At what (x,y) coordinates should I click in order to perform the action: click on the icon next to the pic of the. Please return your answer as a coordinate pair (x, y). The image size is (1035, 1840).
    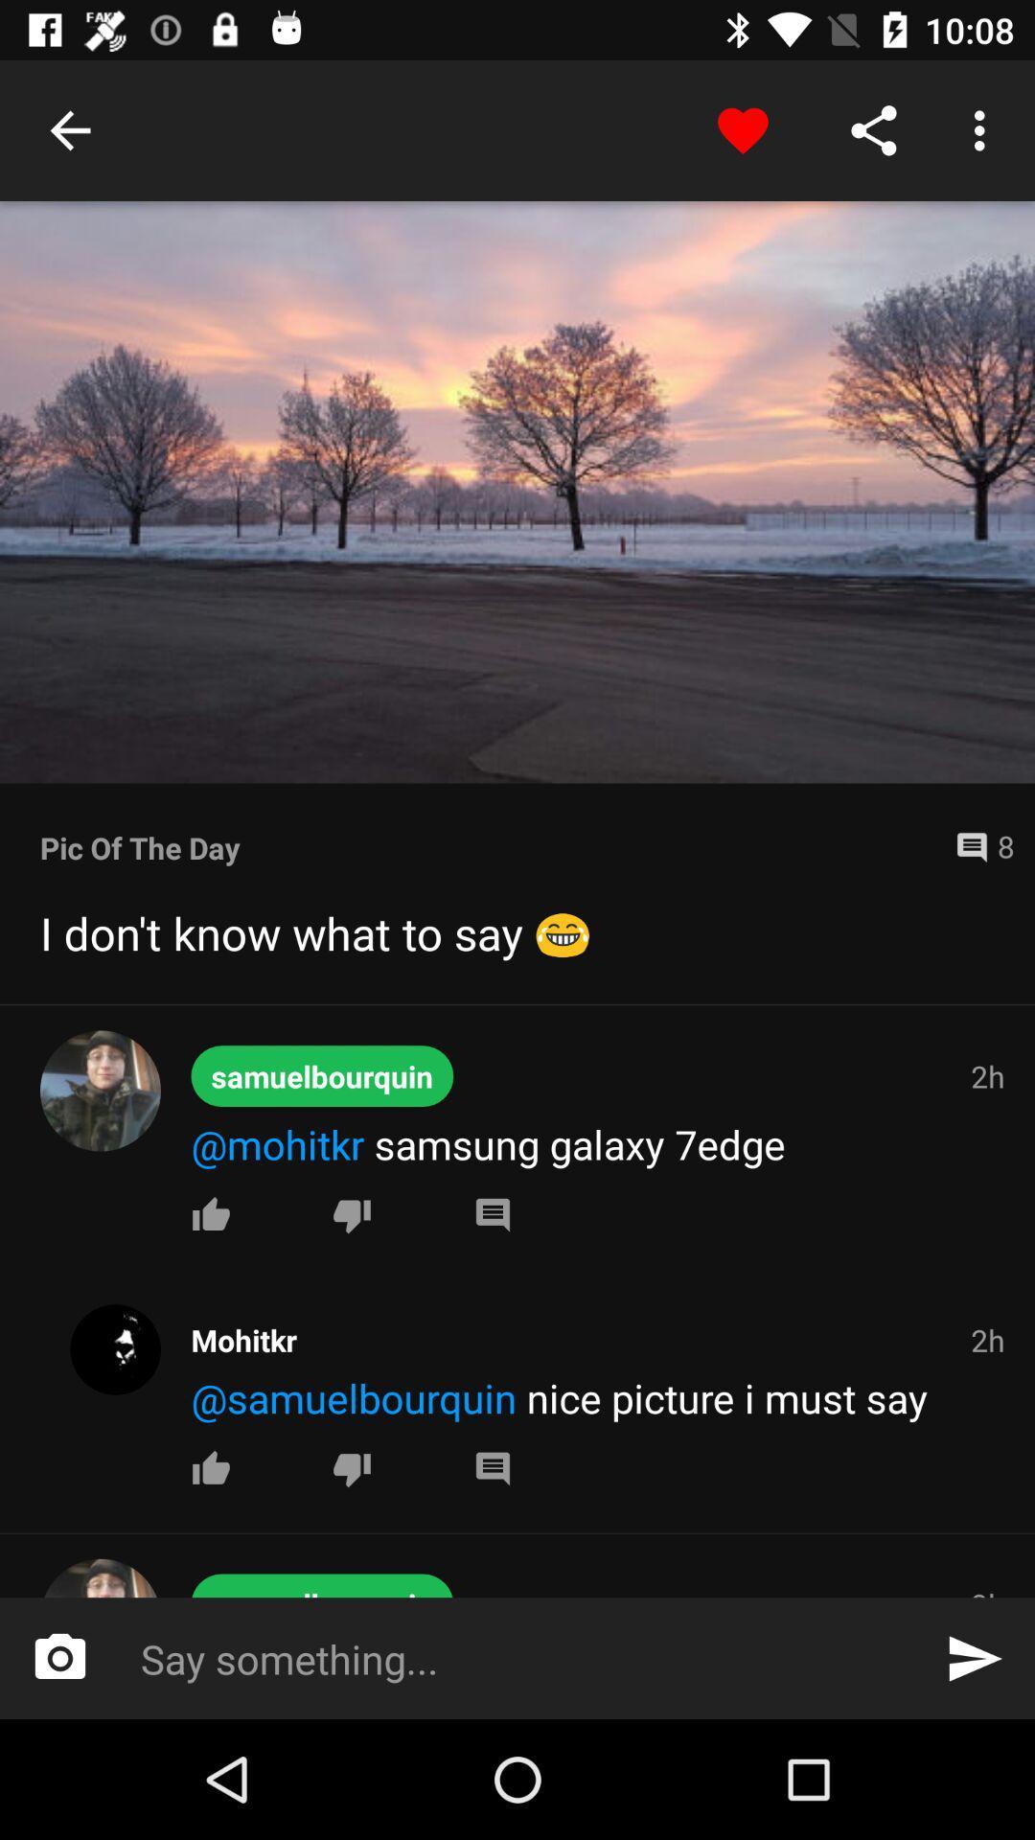
    Looking at the image, I should click on (977, 846).